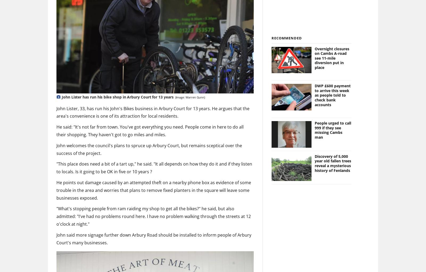 Image resolution: width=426 pixels, height=272 pixels. What do you see at coordinates (154, 168) in the screenshot?
I see `'"This place does need a bit of a tart up," he said. "It all depends on how they do it and if they listen to locals. Is it going to be OK in five or 10 years ?'` at bounding box center [154, 168].